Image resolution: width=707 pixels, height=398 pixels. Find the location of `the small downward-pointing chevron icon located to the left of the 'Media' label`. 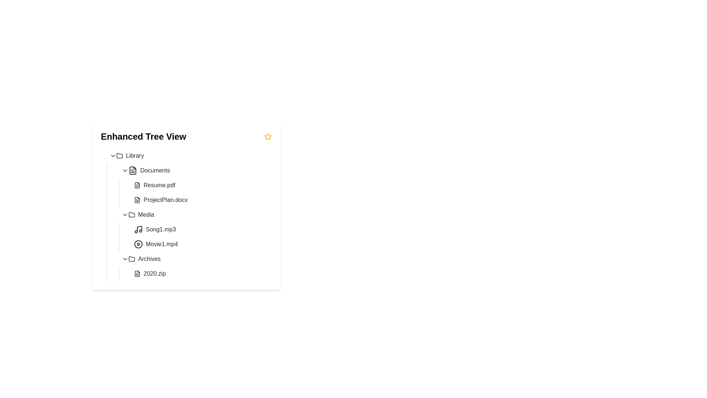

the small downward-pointing chevron icon located to the left of the 'Media' label is located at coordinates (125, 214).